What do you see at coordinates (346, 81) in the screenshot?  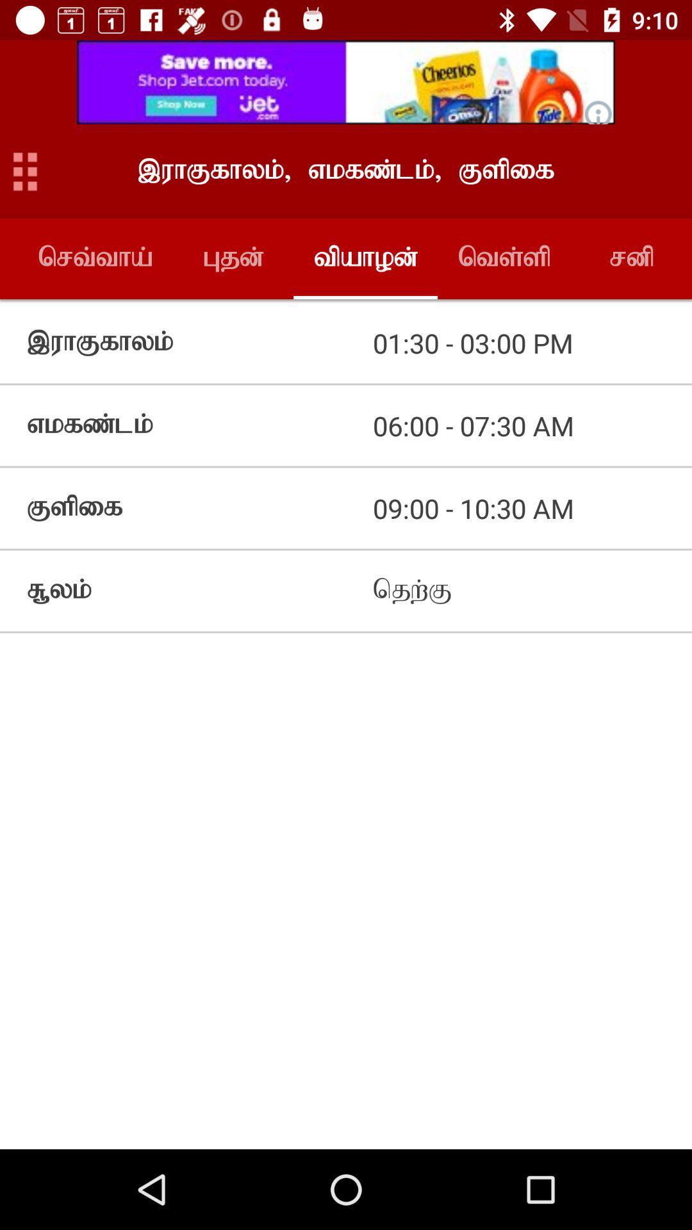 I see `advertisement` at bounding box center [346, 81].